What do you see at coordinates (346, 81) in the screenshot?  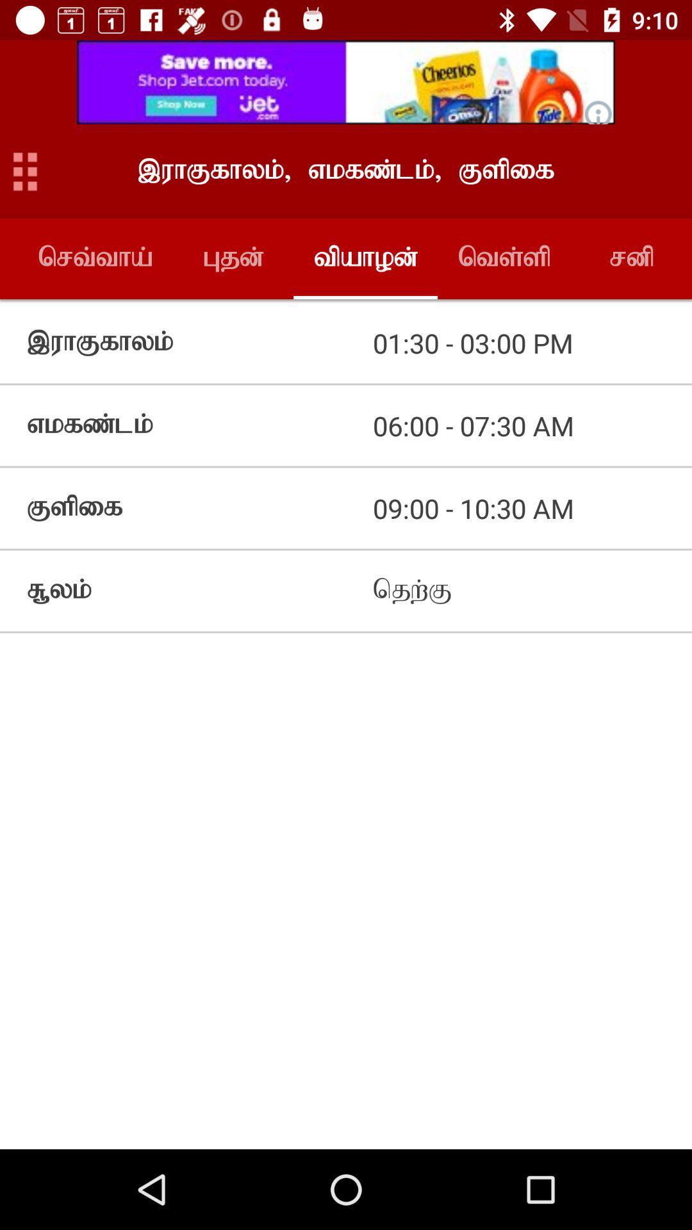 I see `advertisement` at bounding box center [346, 81].